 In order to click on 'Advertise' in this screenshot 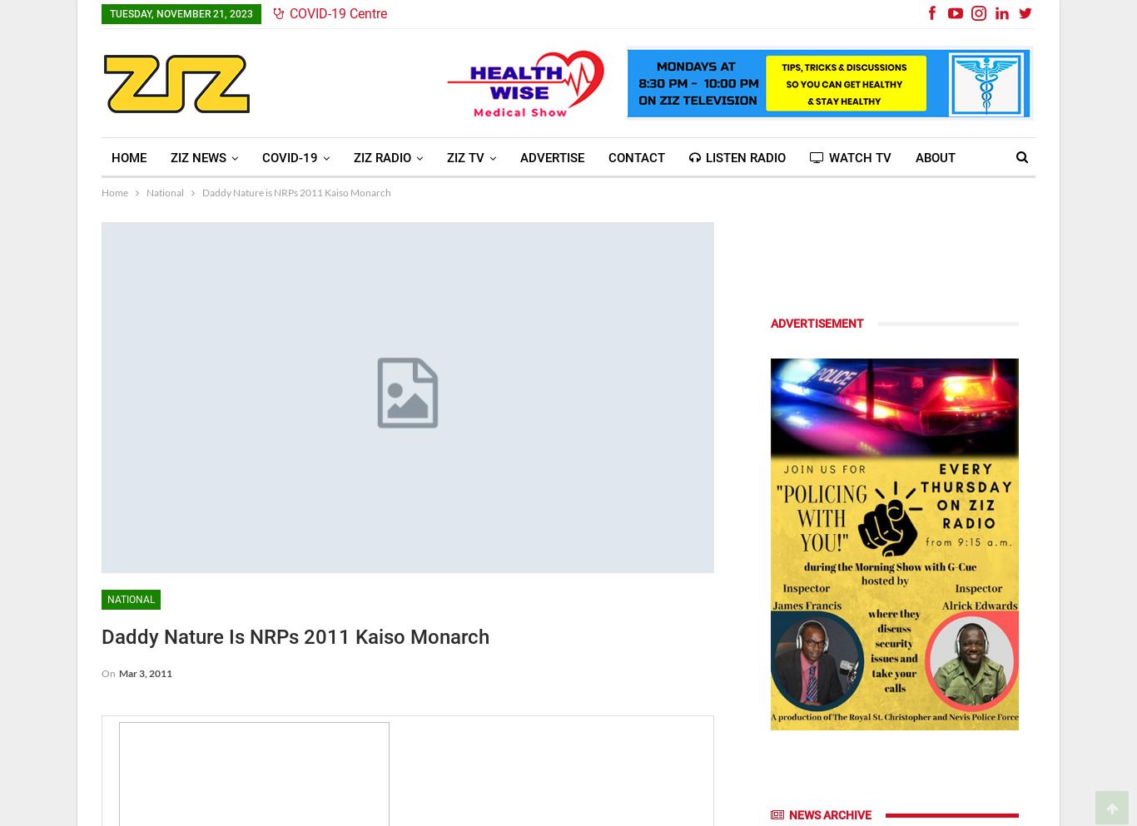, I will do `click(551, 156)`.